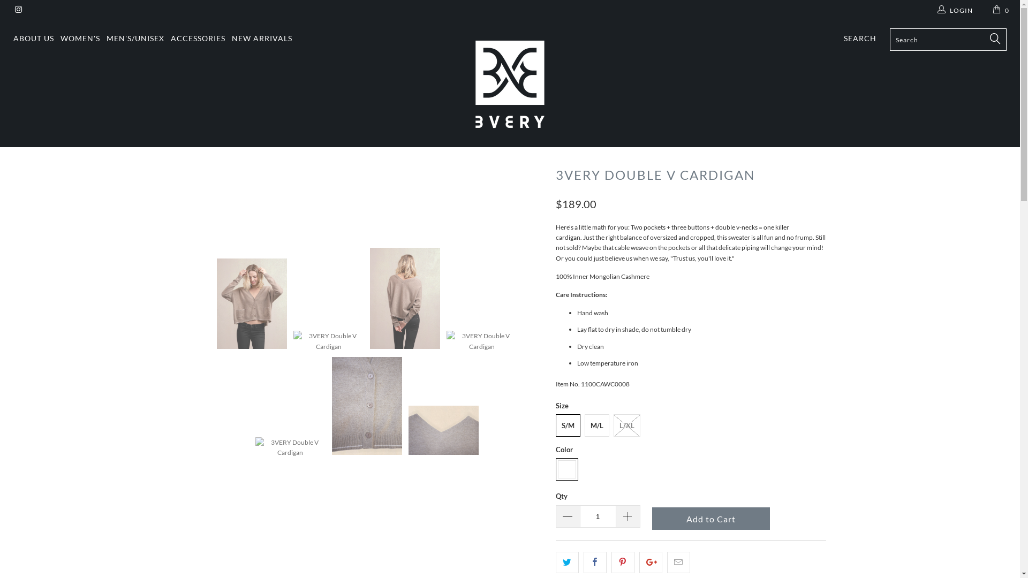  Describe the element at coordinates (33, 38) in the screenshot. I see `'ABOUT US'` at that location.